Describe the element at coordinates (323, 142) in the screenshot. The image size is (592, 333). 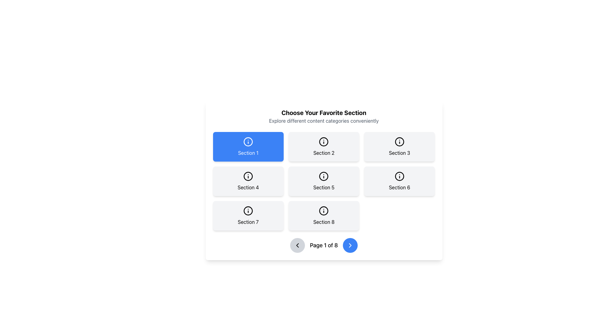
I see `the circular information icon with a hollow border and 'i' symbol located in Section 2, positioned in the second row and second column of the grid` at that location.